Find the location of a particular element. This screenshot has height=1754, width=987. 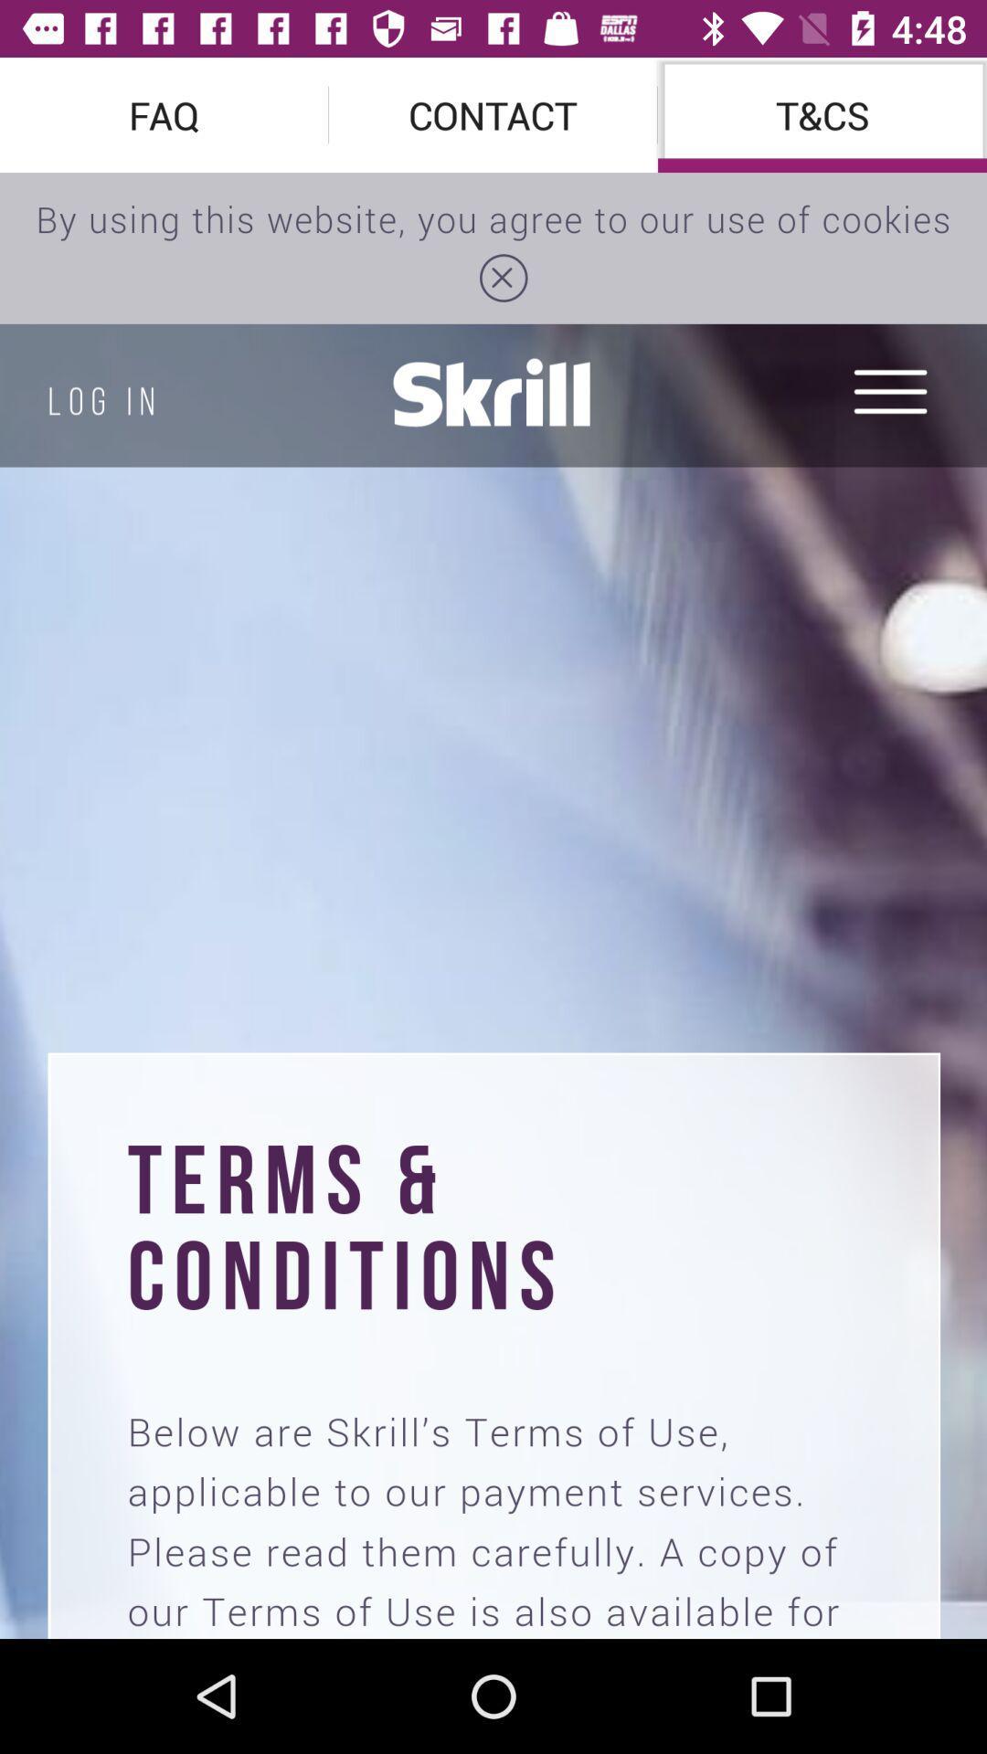

agree with cookie use is located at coordinates (493, 905).